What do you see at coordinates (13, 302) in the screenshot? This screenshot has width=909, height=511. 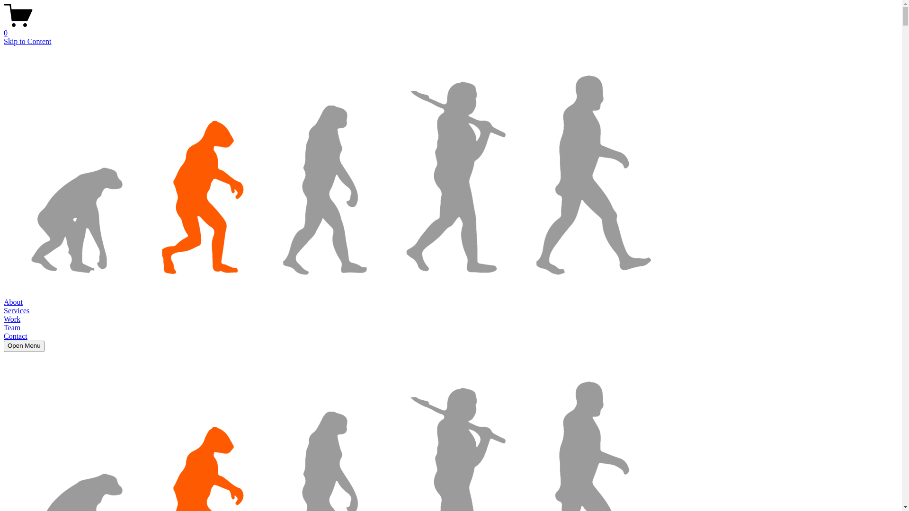 I see `'About'` at bounding box center [13, 302].